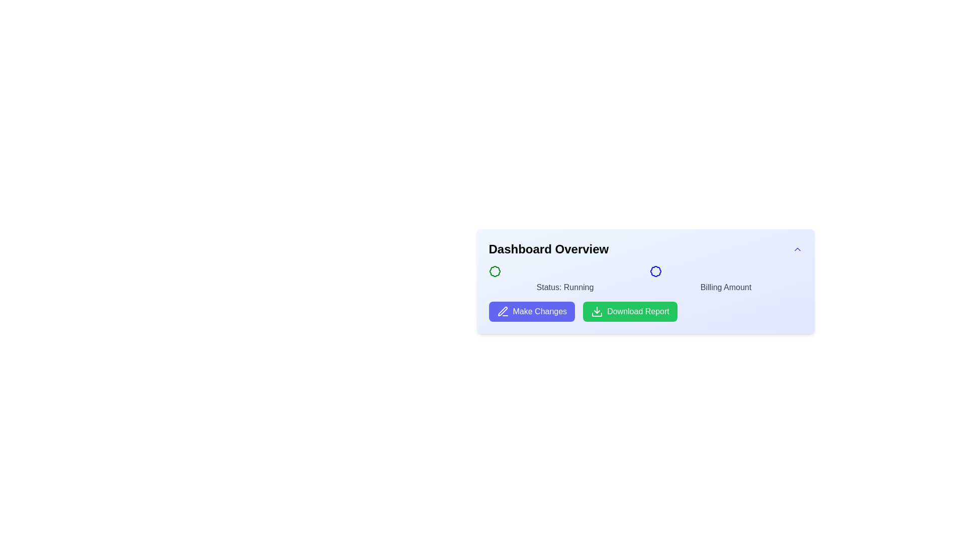  What do you see at coordinates (629, 311) in the screenshot?
I see `the download button located in the bottom-right section of the 'Dashboard Overview' card, which is the second button in the horizontal sequence under the status display, to trigger hover effects` at bounding box center [629, 311].